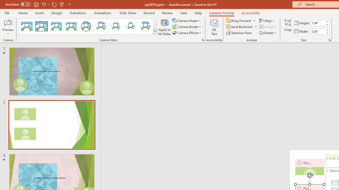 The height and width of the screenshot is (190, 339). Describe the element at coordinates (155, 32) in the screenshot. I see `'Camera Styles'` at that location.